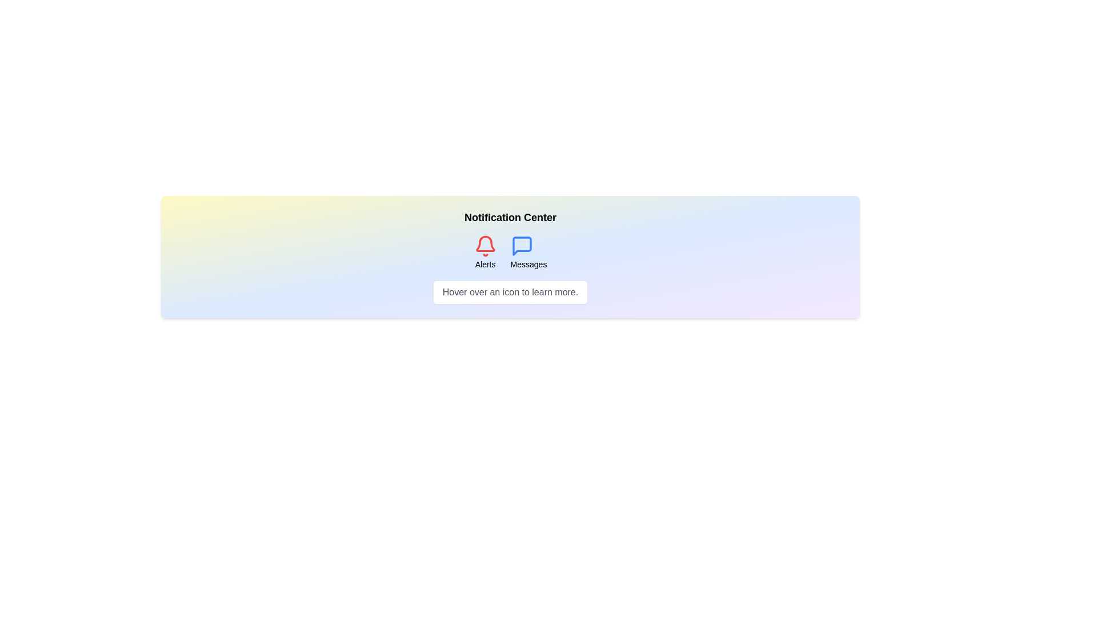  What do you see at coordinates (528, 264) in the screenshot?
I see `the Text Label located below the speech bubble icon, which serves as a descriptive label for the messaging feature` at bounding box center [528, 264].